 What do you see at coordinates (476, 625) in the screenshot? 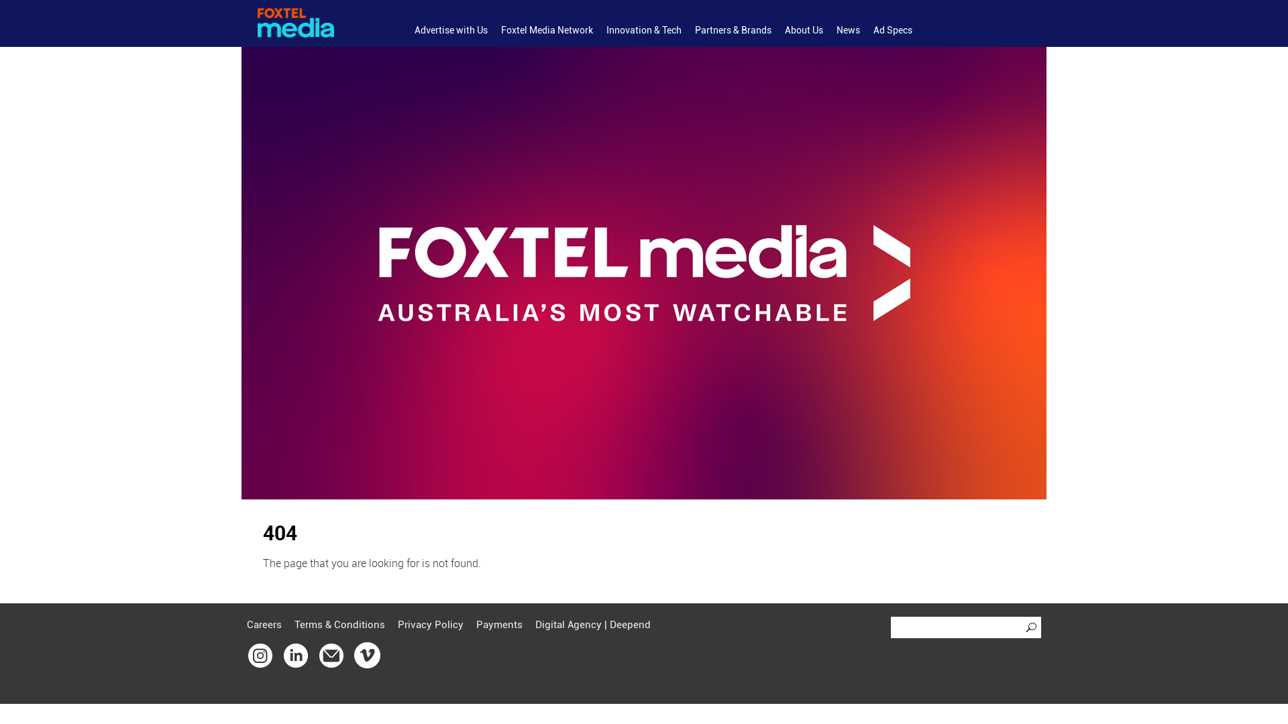
I see `'Payments'` at bounding box center [476, 625].